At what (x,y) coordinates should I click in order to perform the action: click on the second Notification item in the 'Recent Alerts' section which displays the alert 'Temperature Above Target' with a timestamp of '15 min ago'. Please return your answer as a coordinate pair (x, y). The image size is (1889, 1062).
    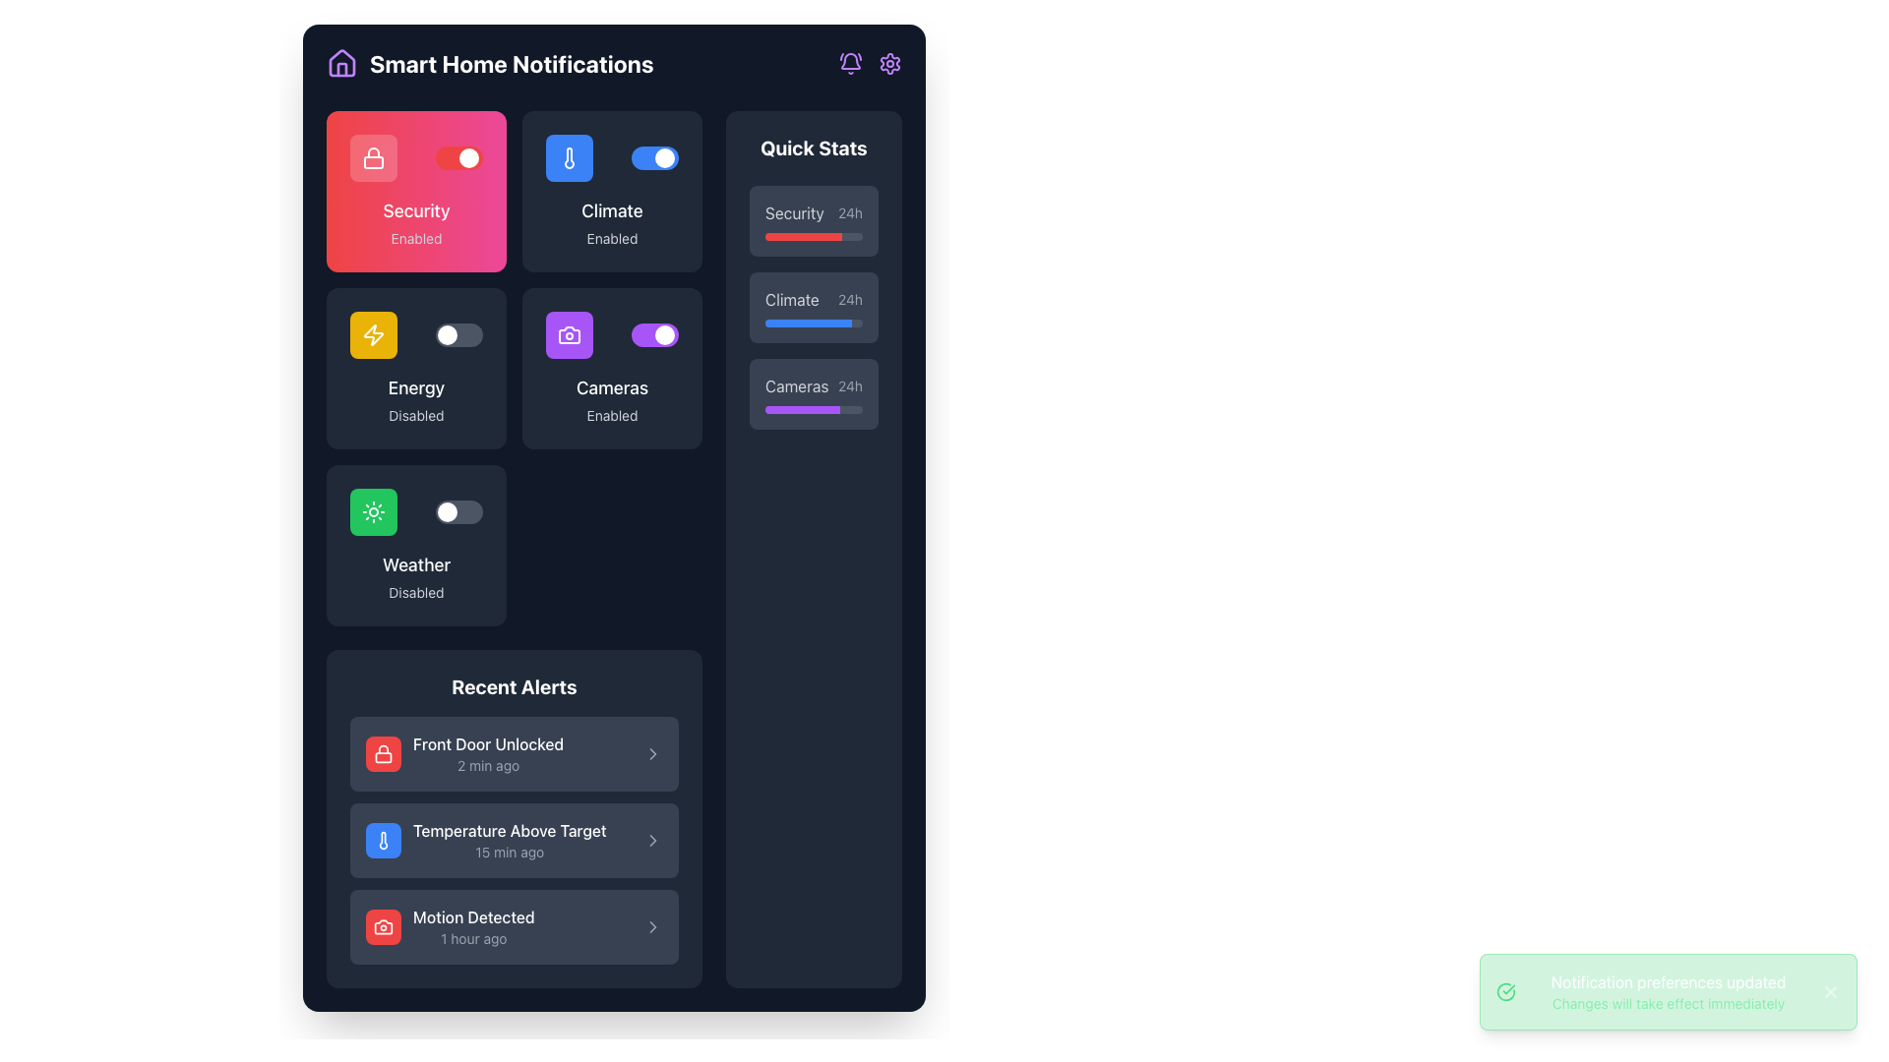
    Looking at the image, I should click on (515, 841).